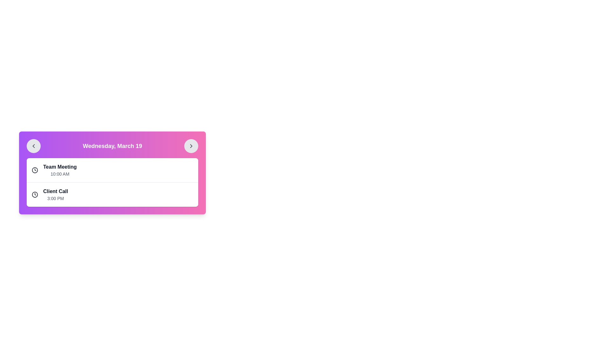  I want to click on displayed time '10:00 AM' from the text label located beneath the 'Team Meeting' event label, so click(60, 174).